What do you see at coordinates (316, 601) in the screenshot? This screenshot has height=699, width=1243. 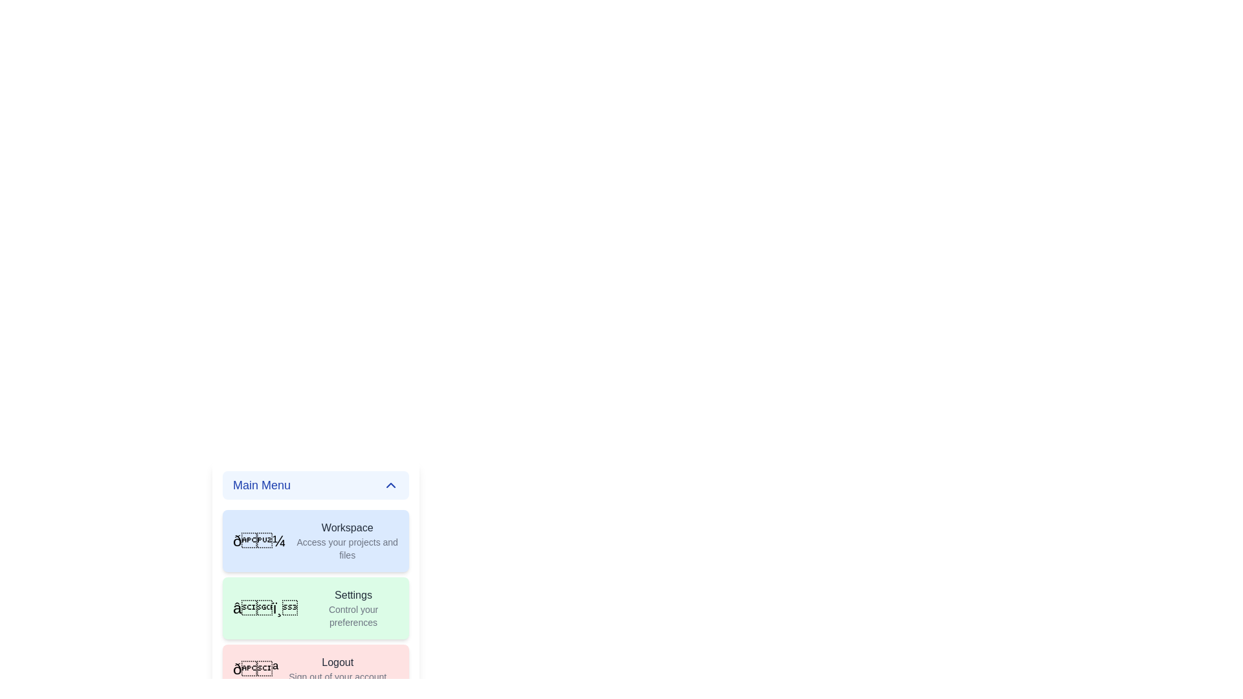 I see `the 'Settings' button` at bounding box center [316, 601].